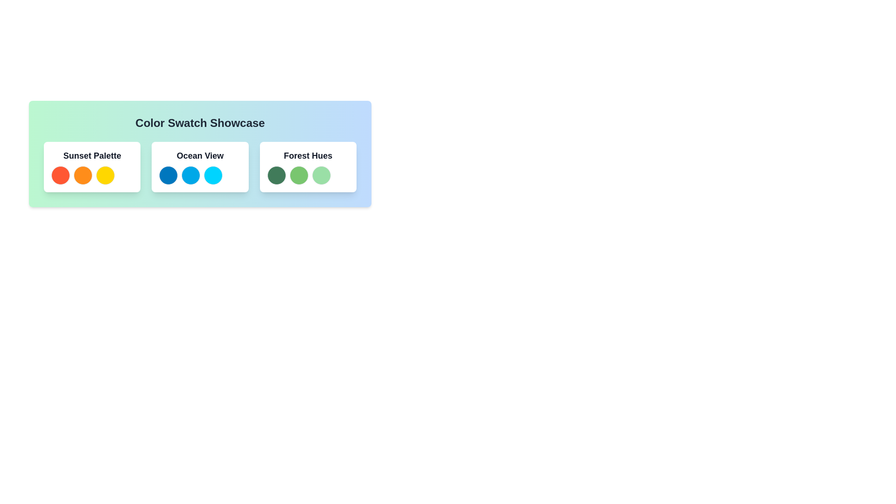  Describe the element at coordinates (276, 175) in the screenshot. I see `the leftmost color swatch representing the green hue in the 'Forest Hues' section of the design` at that location.